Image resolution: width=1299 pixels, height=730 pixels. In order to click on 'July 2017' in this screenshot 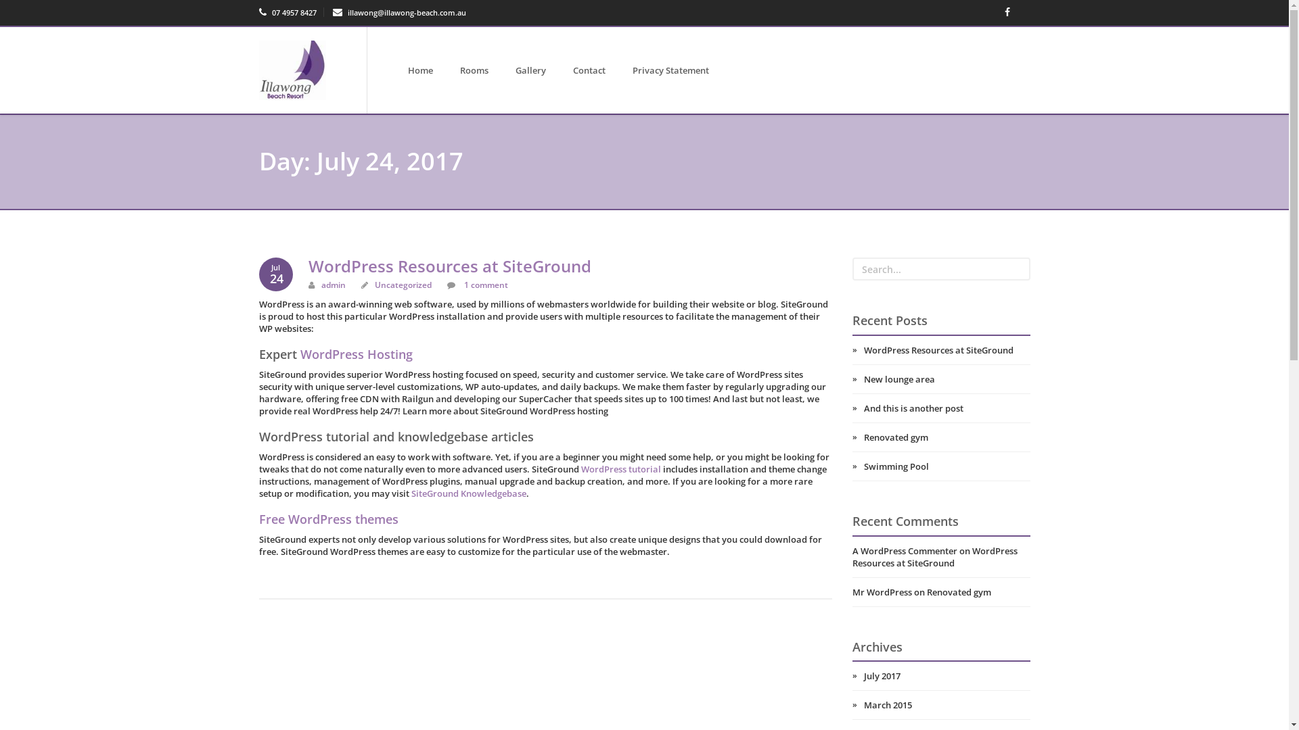, I will do `click(940, 675)`.